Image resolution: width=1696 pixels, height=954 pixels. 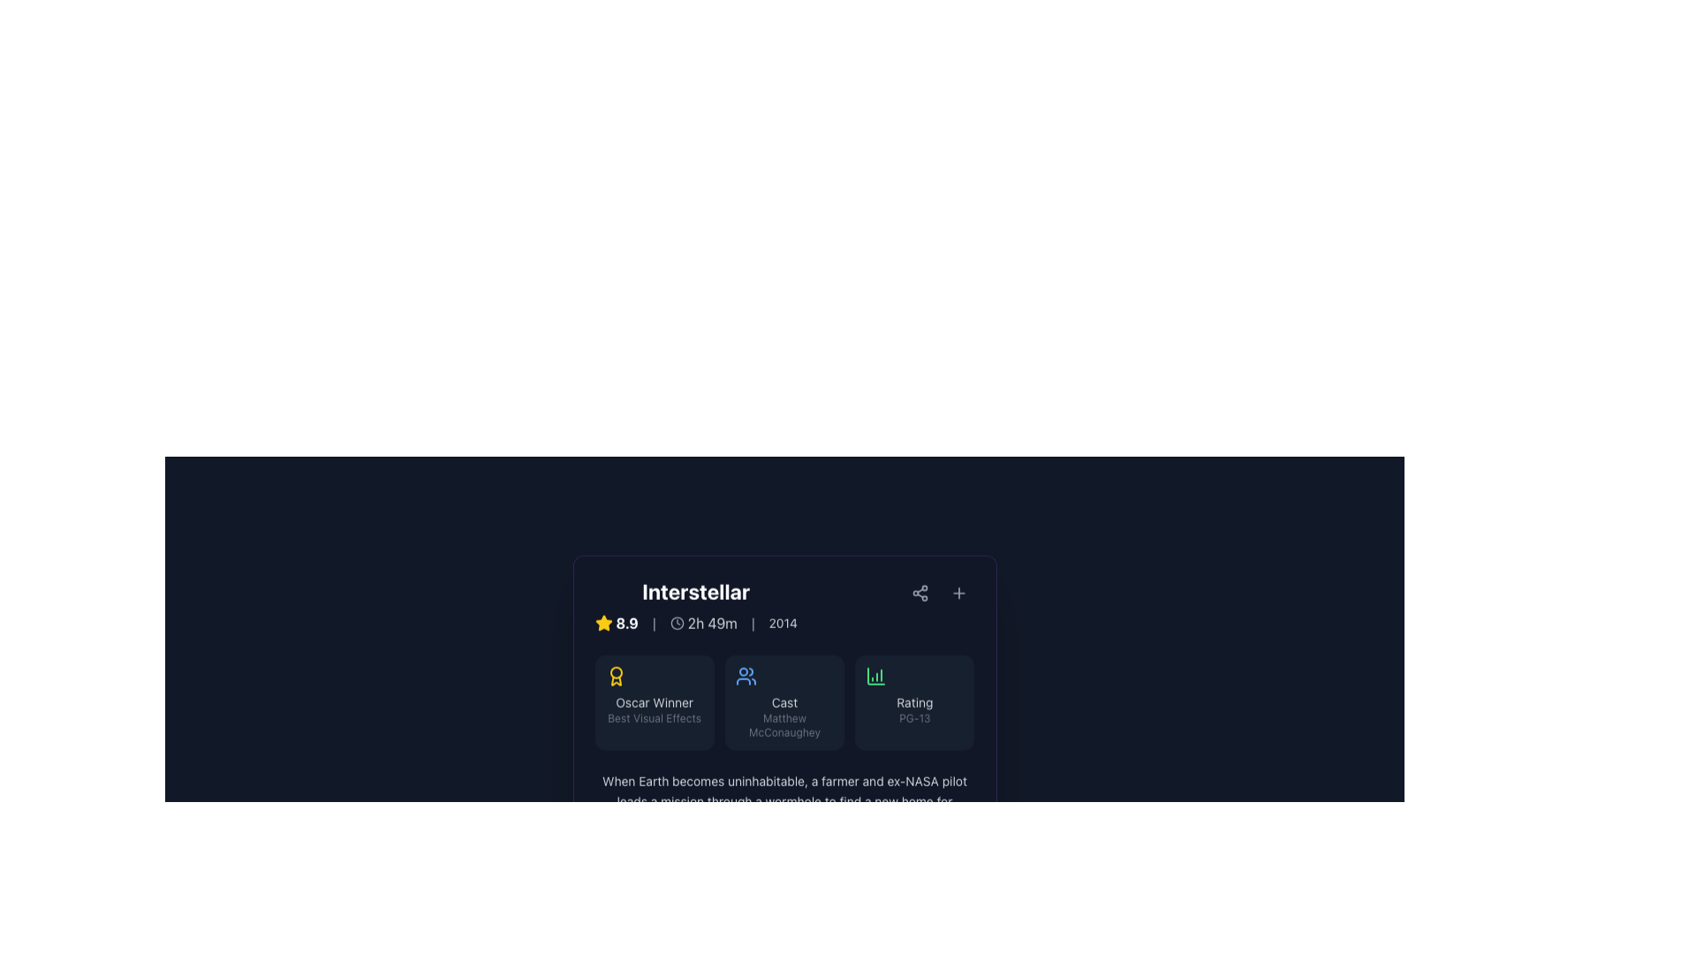 I want to click on the icon in the grid layout for more information about 'Oscar Winner', 'Cast', or 'Rating' in the modal card titled 'Interstellar', so click(x=784, y=701).